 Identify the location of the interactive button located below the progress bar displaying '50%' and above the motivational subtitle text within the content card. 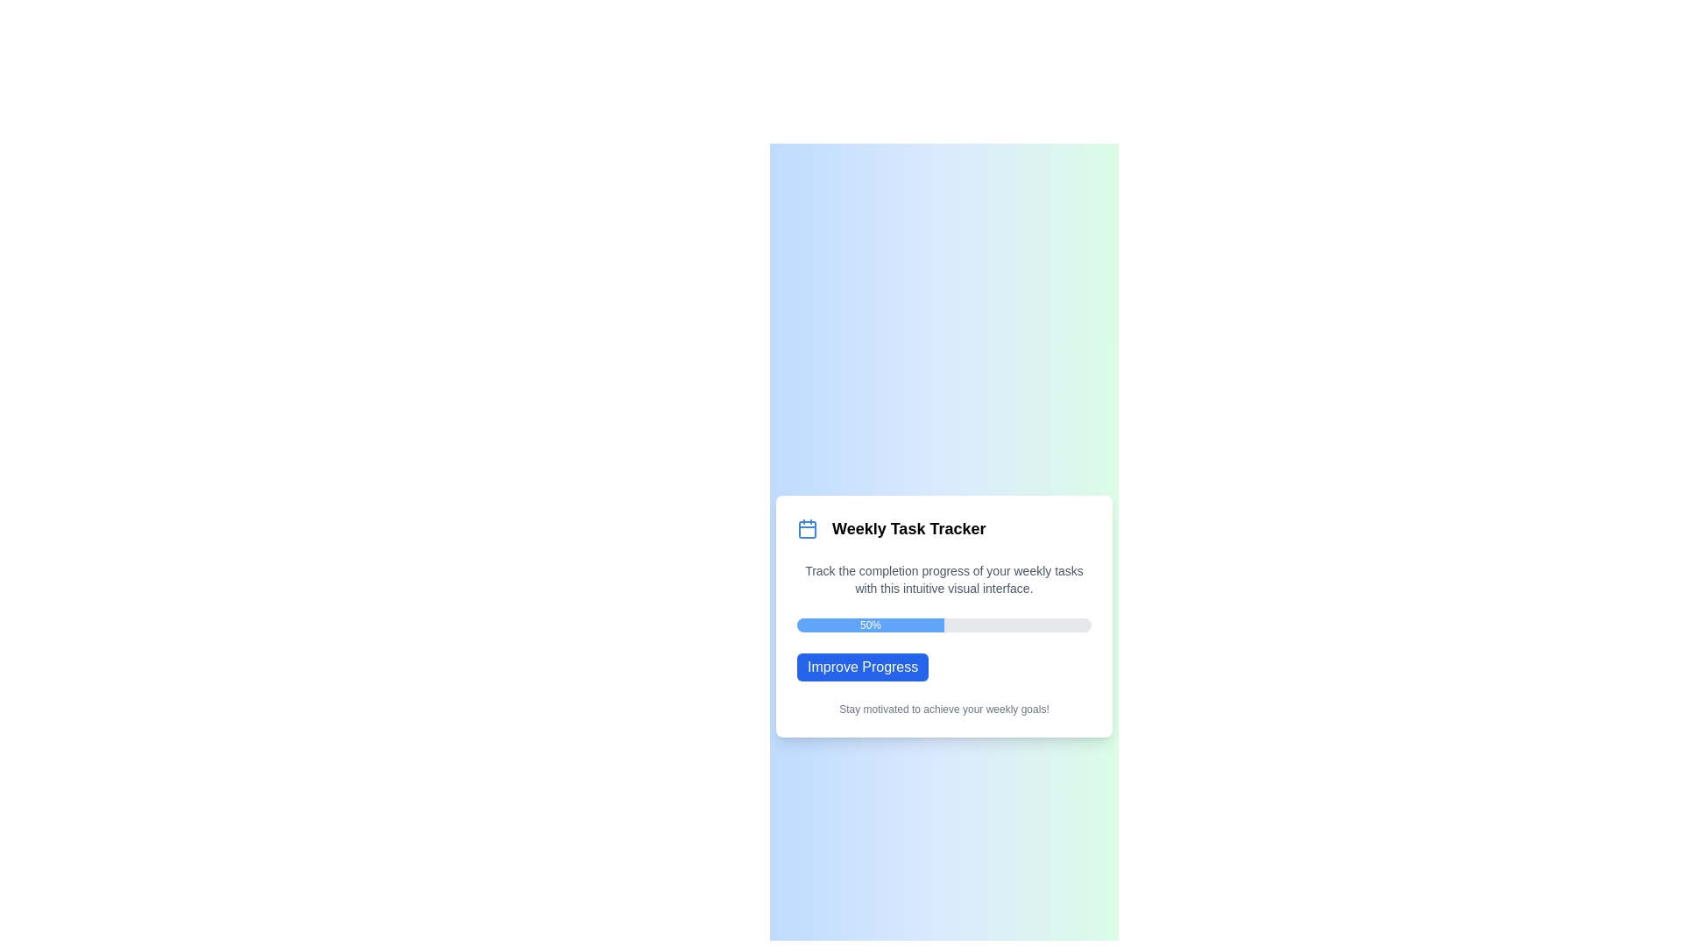
(863, 667).